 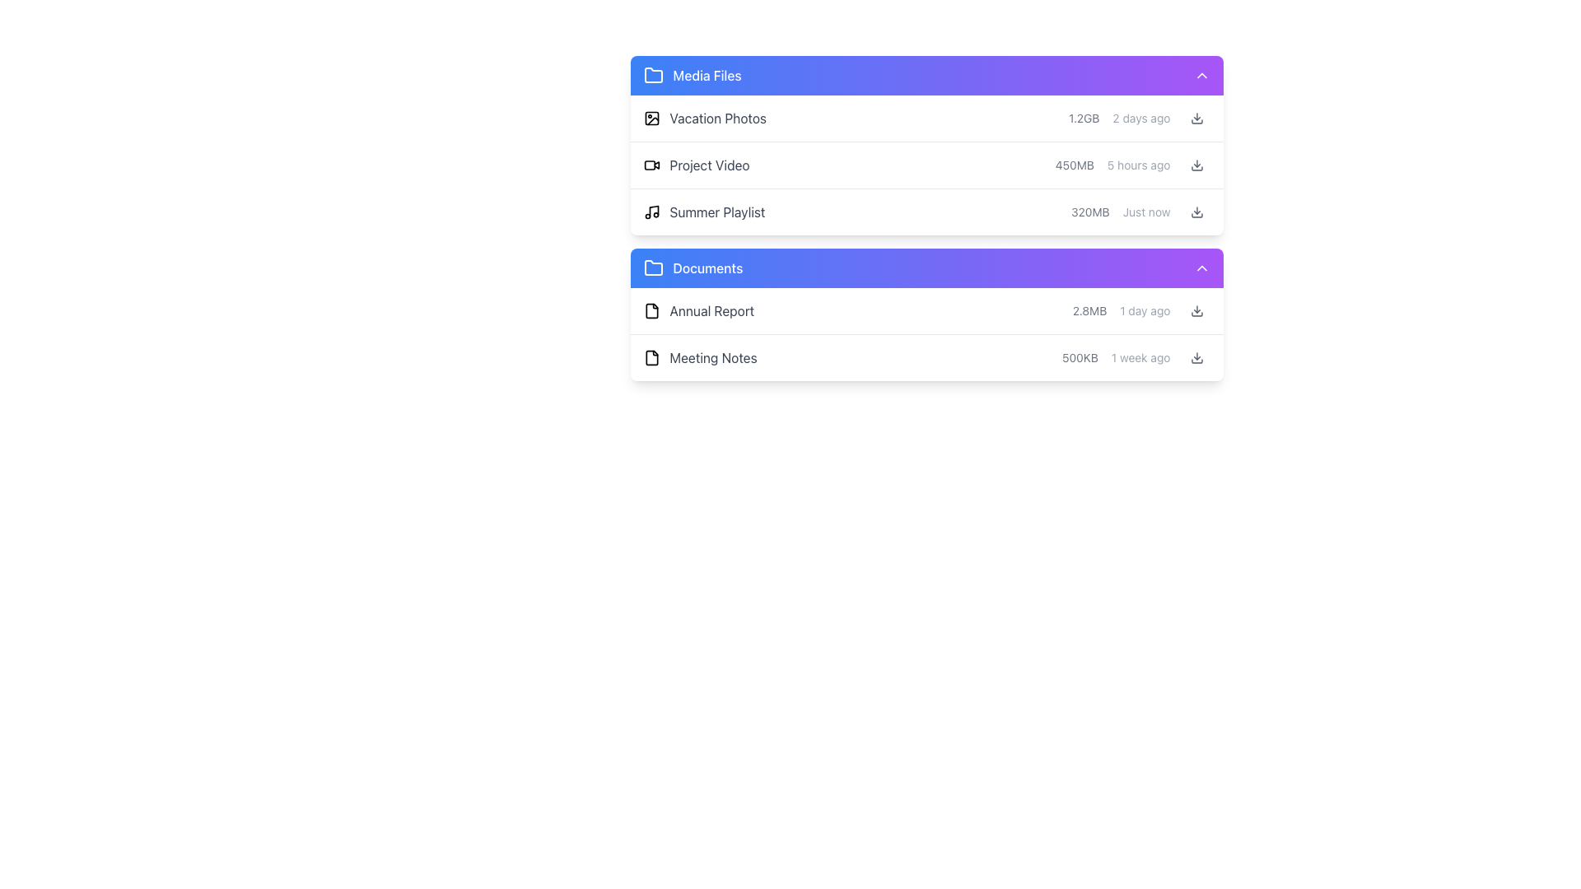 I want to click on the first entry in the 'Media Files' section labeled 'Vacation Photos', so click(x=926, y=118).